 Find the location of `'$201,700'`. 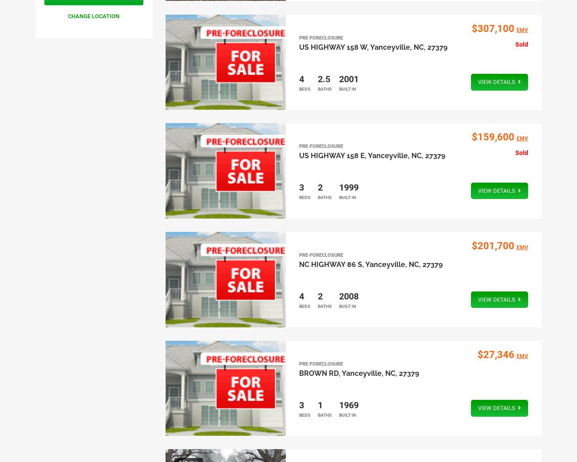

'$201,700' is located at coordinates (492, 245).